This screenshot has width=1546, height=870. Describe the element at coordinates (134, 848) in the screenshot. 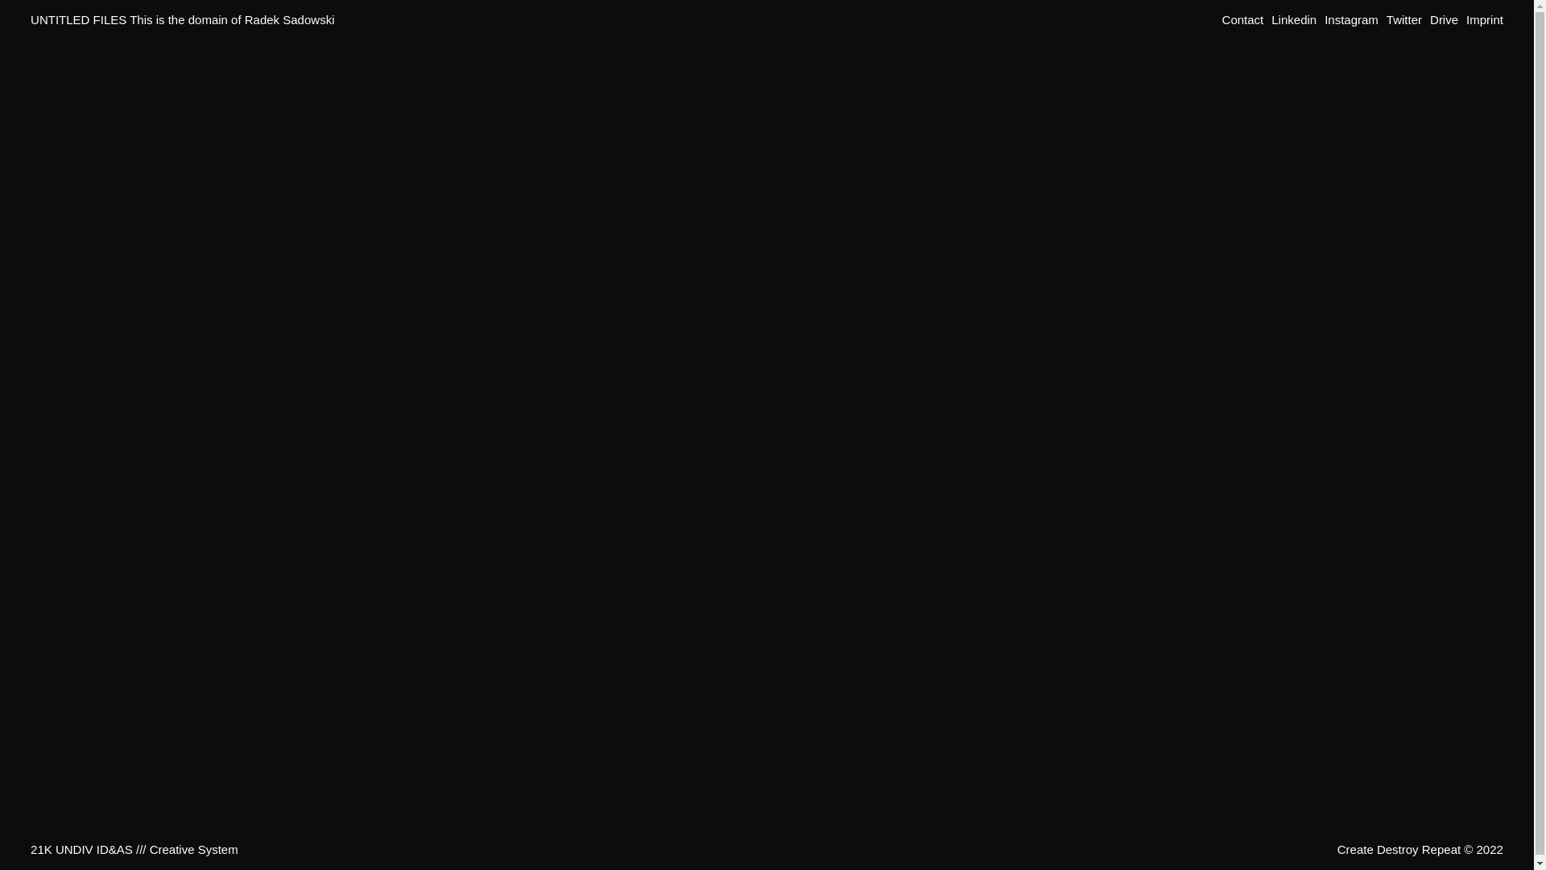

I see `'21K UNDIV ID&AS /// Creative System'` at that location.